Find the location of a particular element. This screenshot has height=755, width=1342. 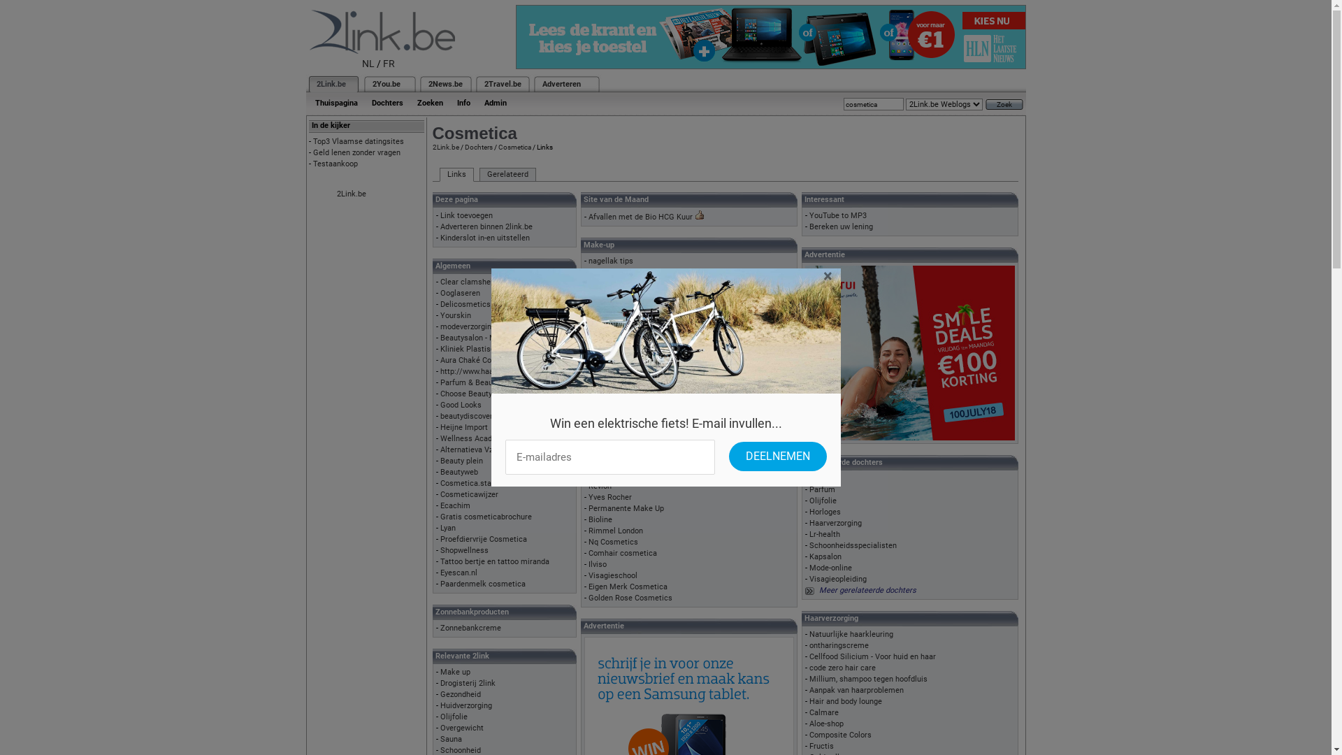

'Afvallen met de Bio HCG Kuur' is located at coordinates (640, 217).